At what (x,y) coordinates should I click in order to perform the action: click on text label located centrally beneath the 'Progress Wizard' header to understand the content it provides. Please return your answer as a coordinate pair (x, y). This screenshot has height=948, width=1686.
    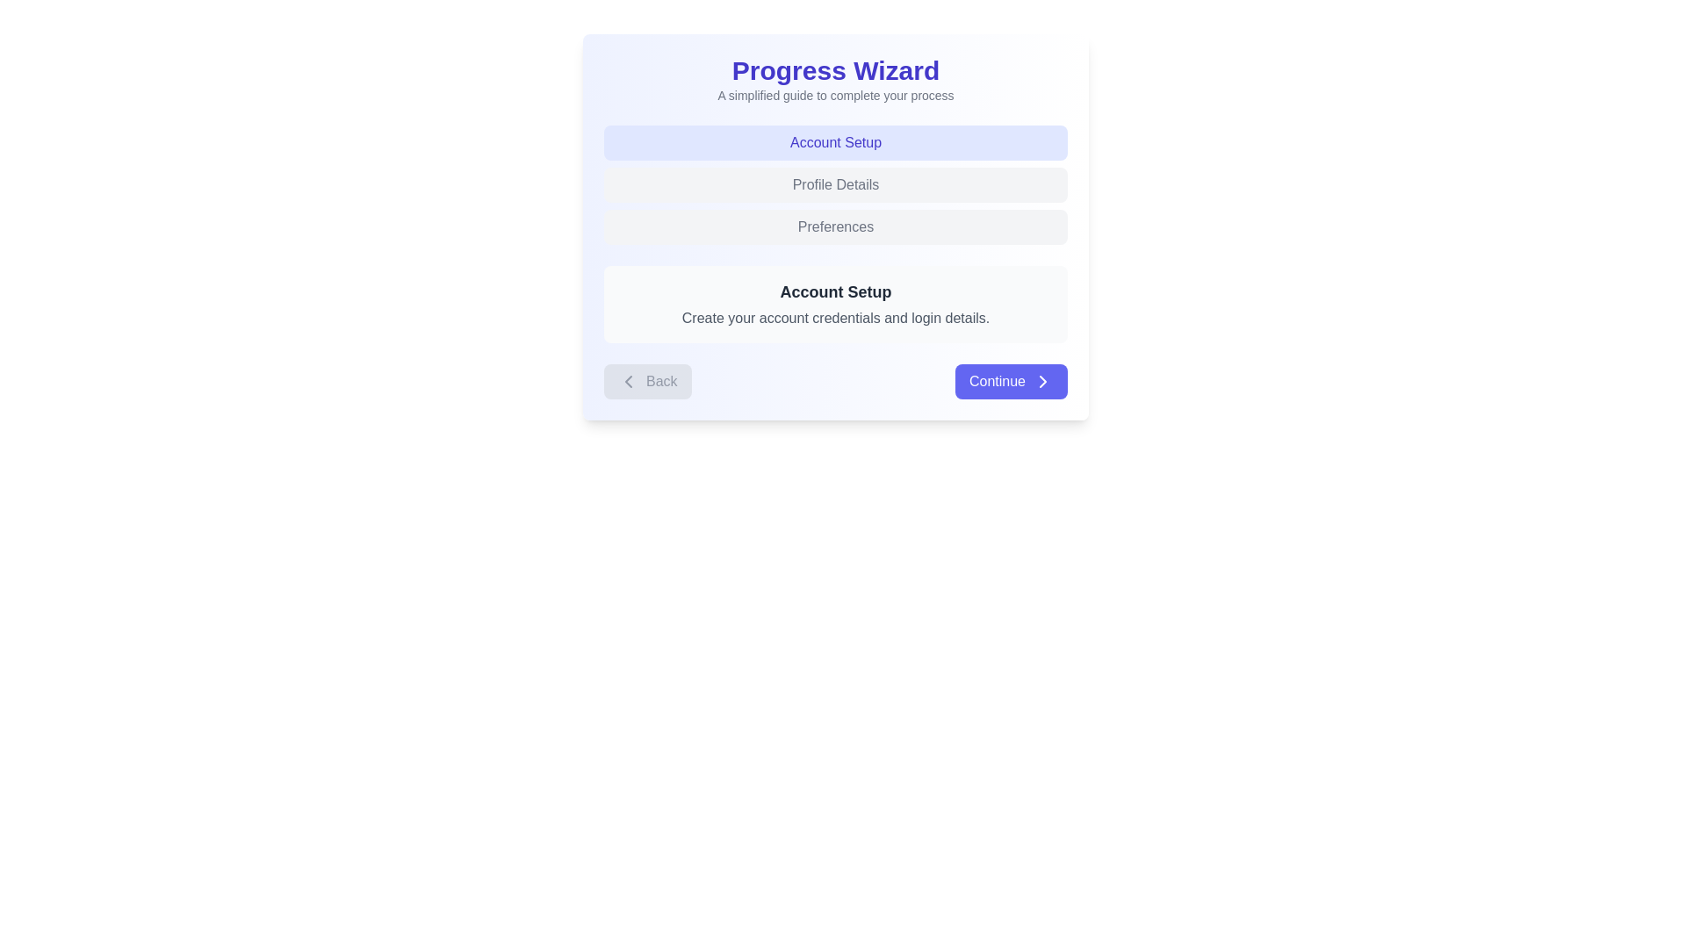
    Looking at the image, I should click on (834, 95).